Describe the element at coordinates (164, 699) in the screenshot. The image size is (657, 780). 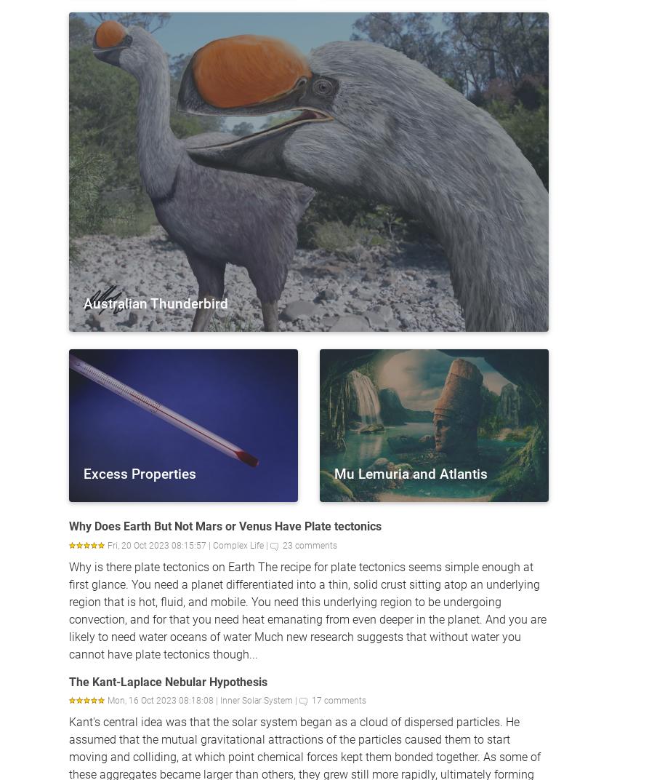
I see `'Mon, 16 Oct 2023 08:18:08                                    |'` at that location.